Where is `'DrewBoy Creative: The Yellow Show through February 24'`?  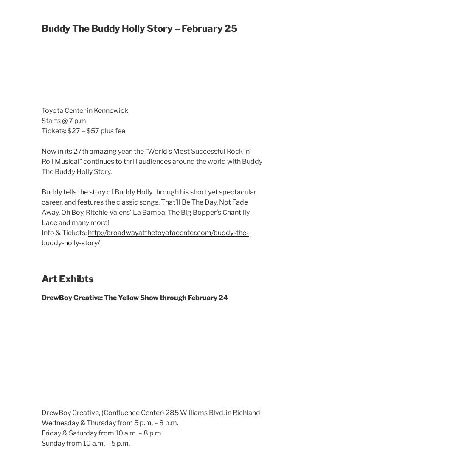 'DrewBoy Creative: The Yellow Show through February 24' is located at coordinates (134, 297).